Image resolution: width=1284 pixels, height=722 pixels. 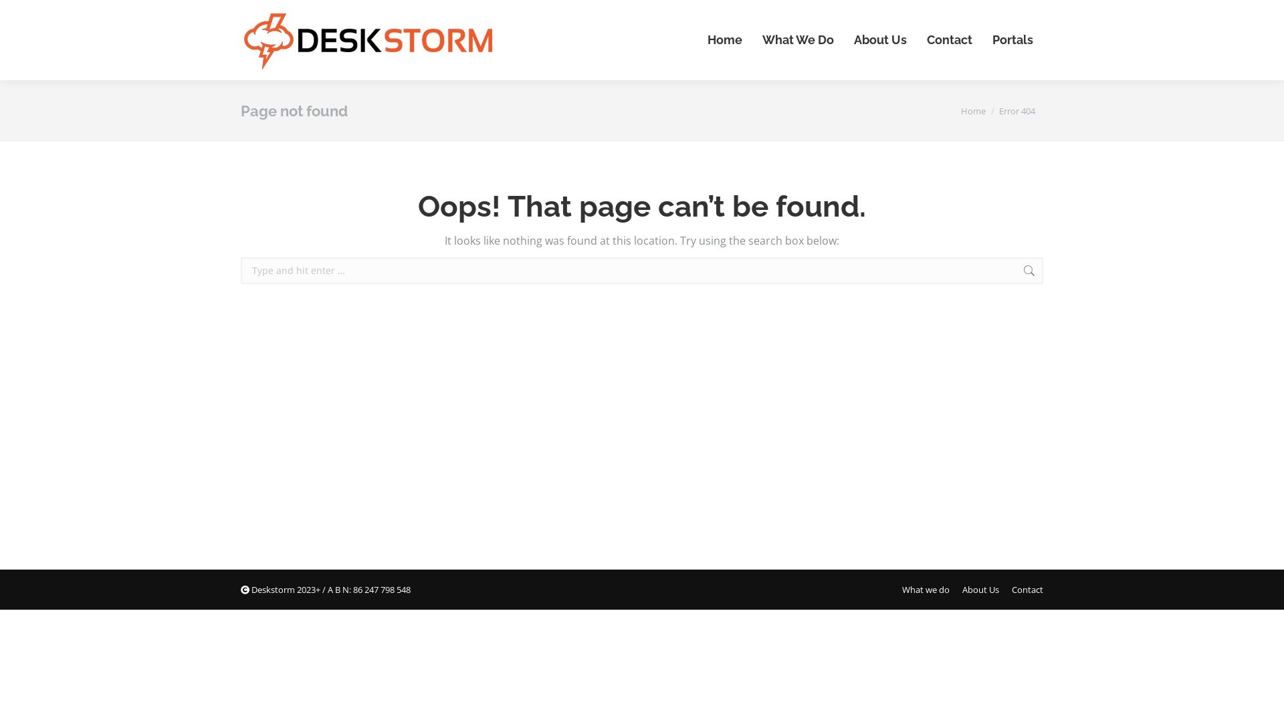 I want to click on 'What We Do', so click(x=798, y=39).